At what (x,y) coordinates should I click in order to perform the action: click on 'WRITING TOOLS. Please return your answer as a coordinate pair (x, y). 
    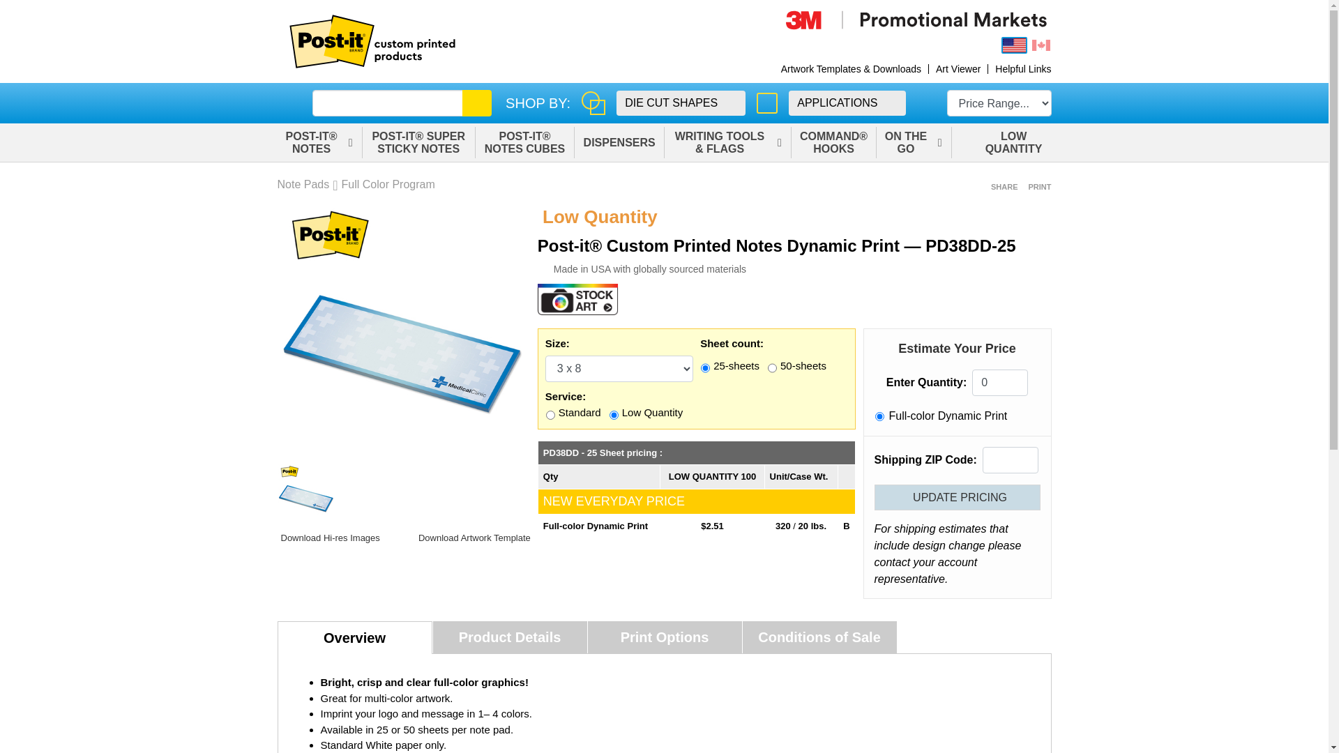
    Looking at the image, I should click on (727, 142).